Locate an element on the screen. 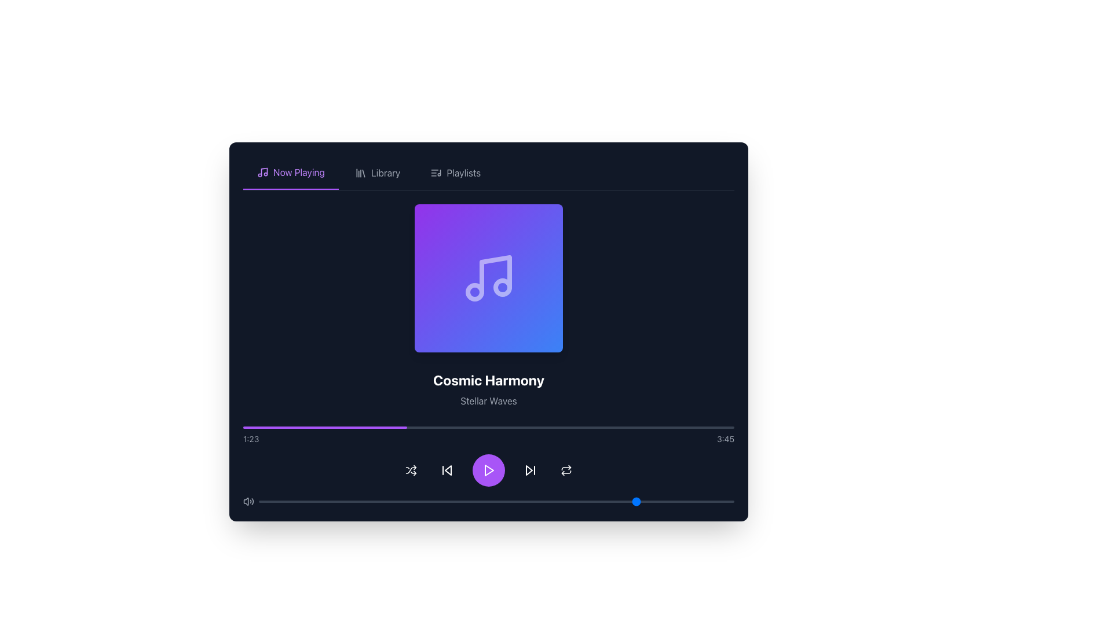  the 'skip forward' button located to the right of the central play button in the media player controls is located at coordinates (528, 470).